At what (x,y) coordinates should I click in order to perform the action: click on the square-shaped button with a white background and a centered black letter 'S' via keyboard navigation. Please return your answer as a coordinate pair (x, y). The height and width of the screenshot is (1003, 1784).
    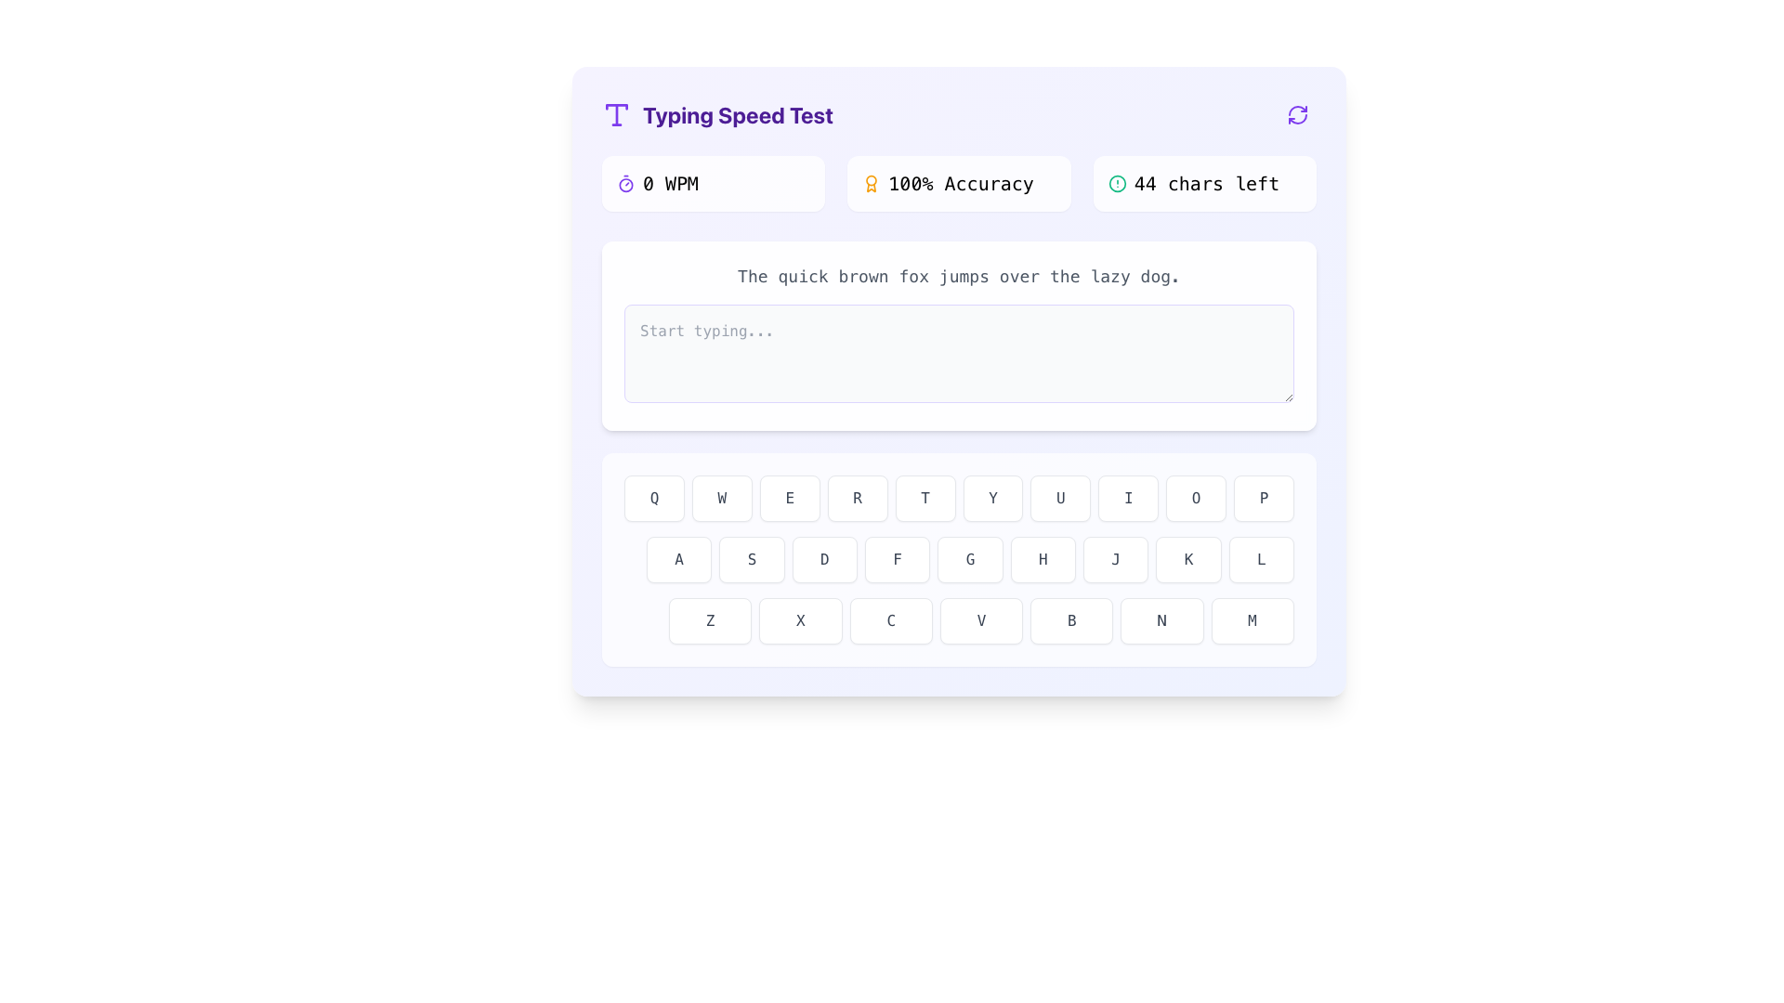
    Looking at the image, I should click on (752, 558).